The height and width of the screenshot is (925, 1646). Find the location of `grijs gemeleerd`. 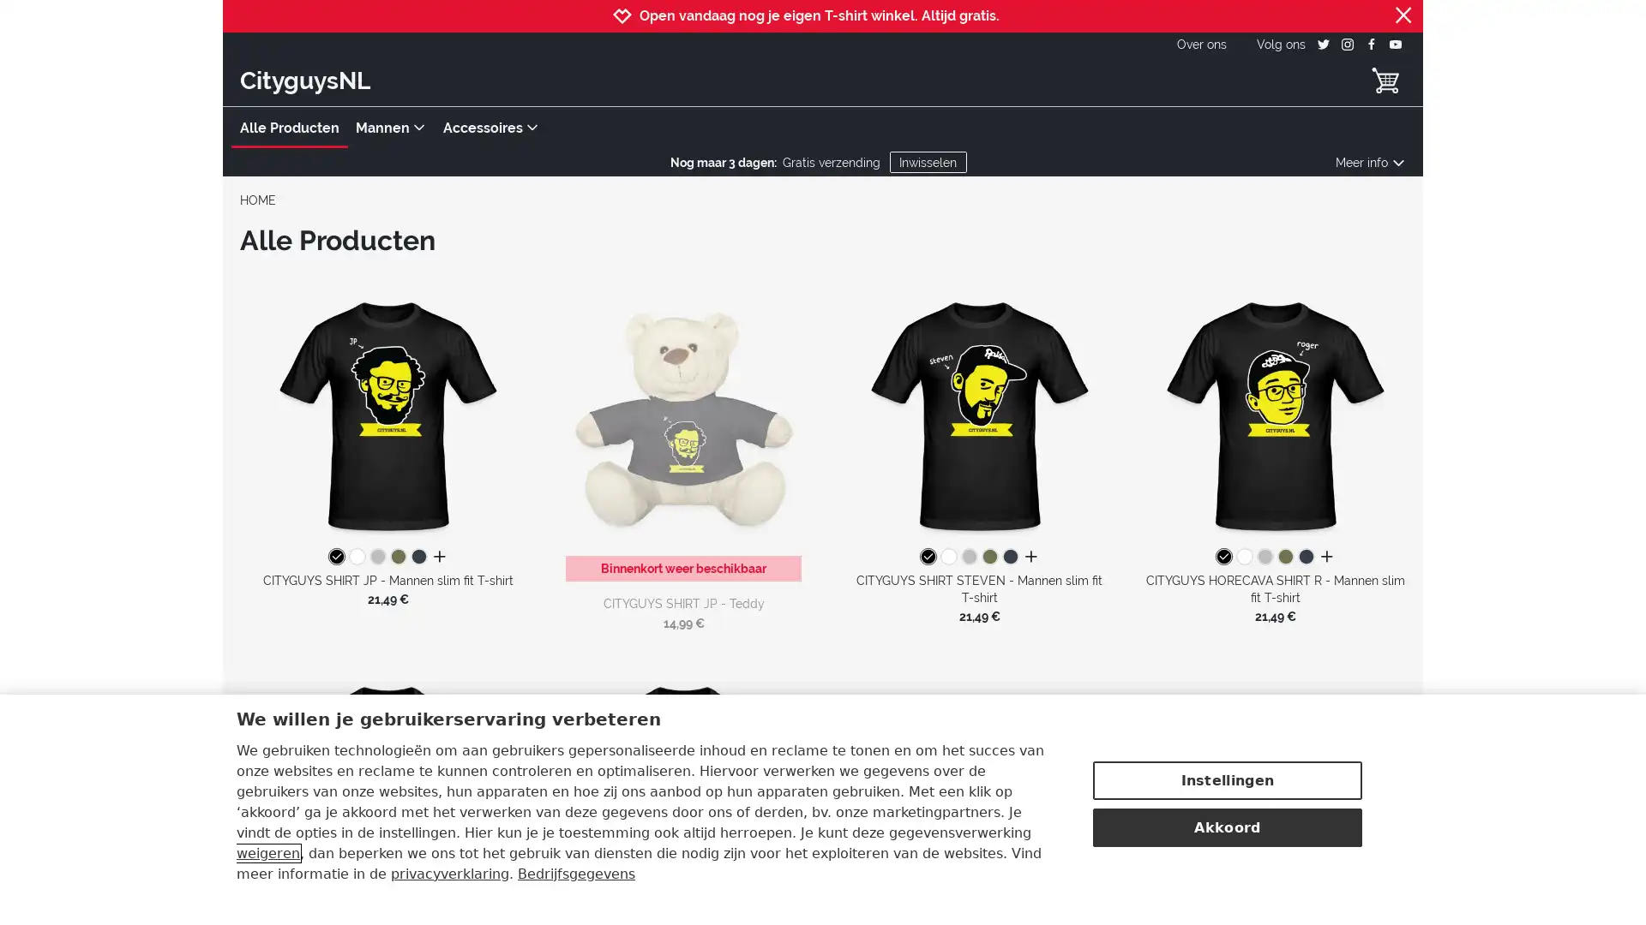

grijs gemeleerd is located at coordinates (968, 558).